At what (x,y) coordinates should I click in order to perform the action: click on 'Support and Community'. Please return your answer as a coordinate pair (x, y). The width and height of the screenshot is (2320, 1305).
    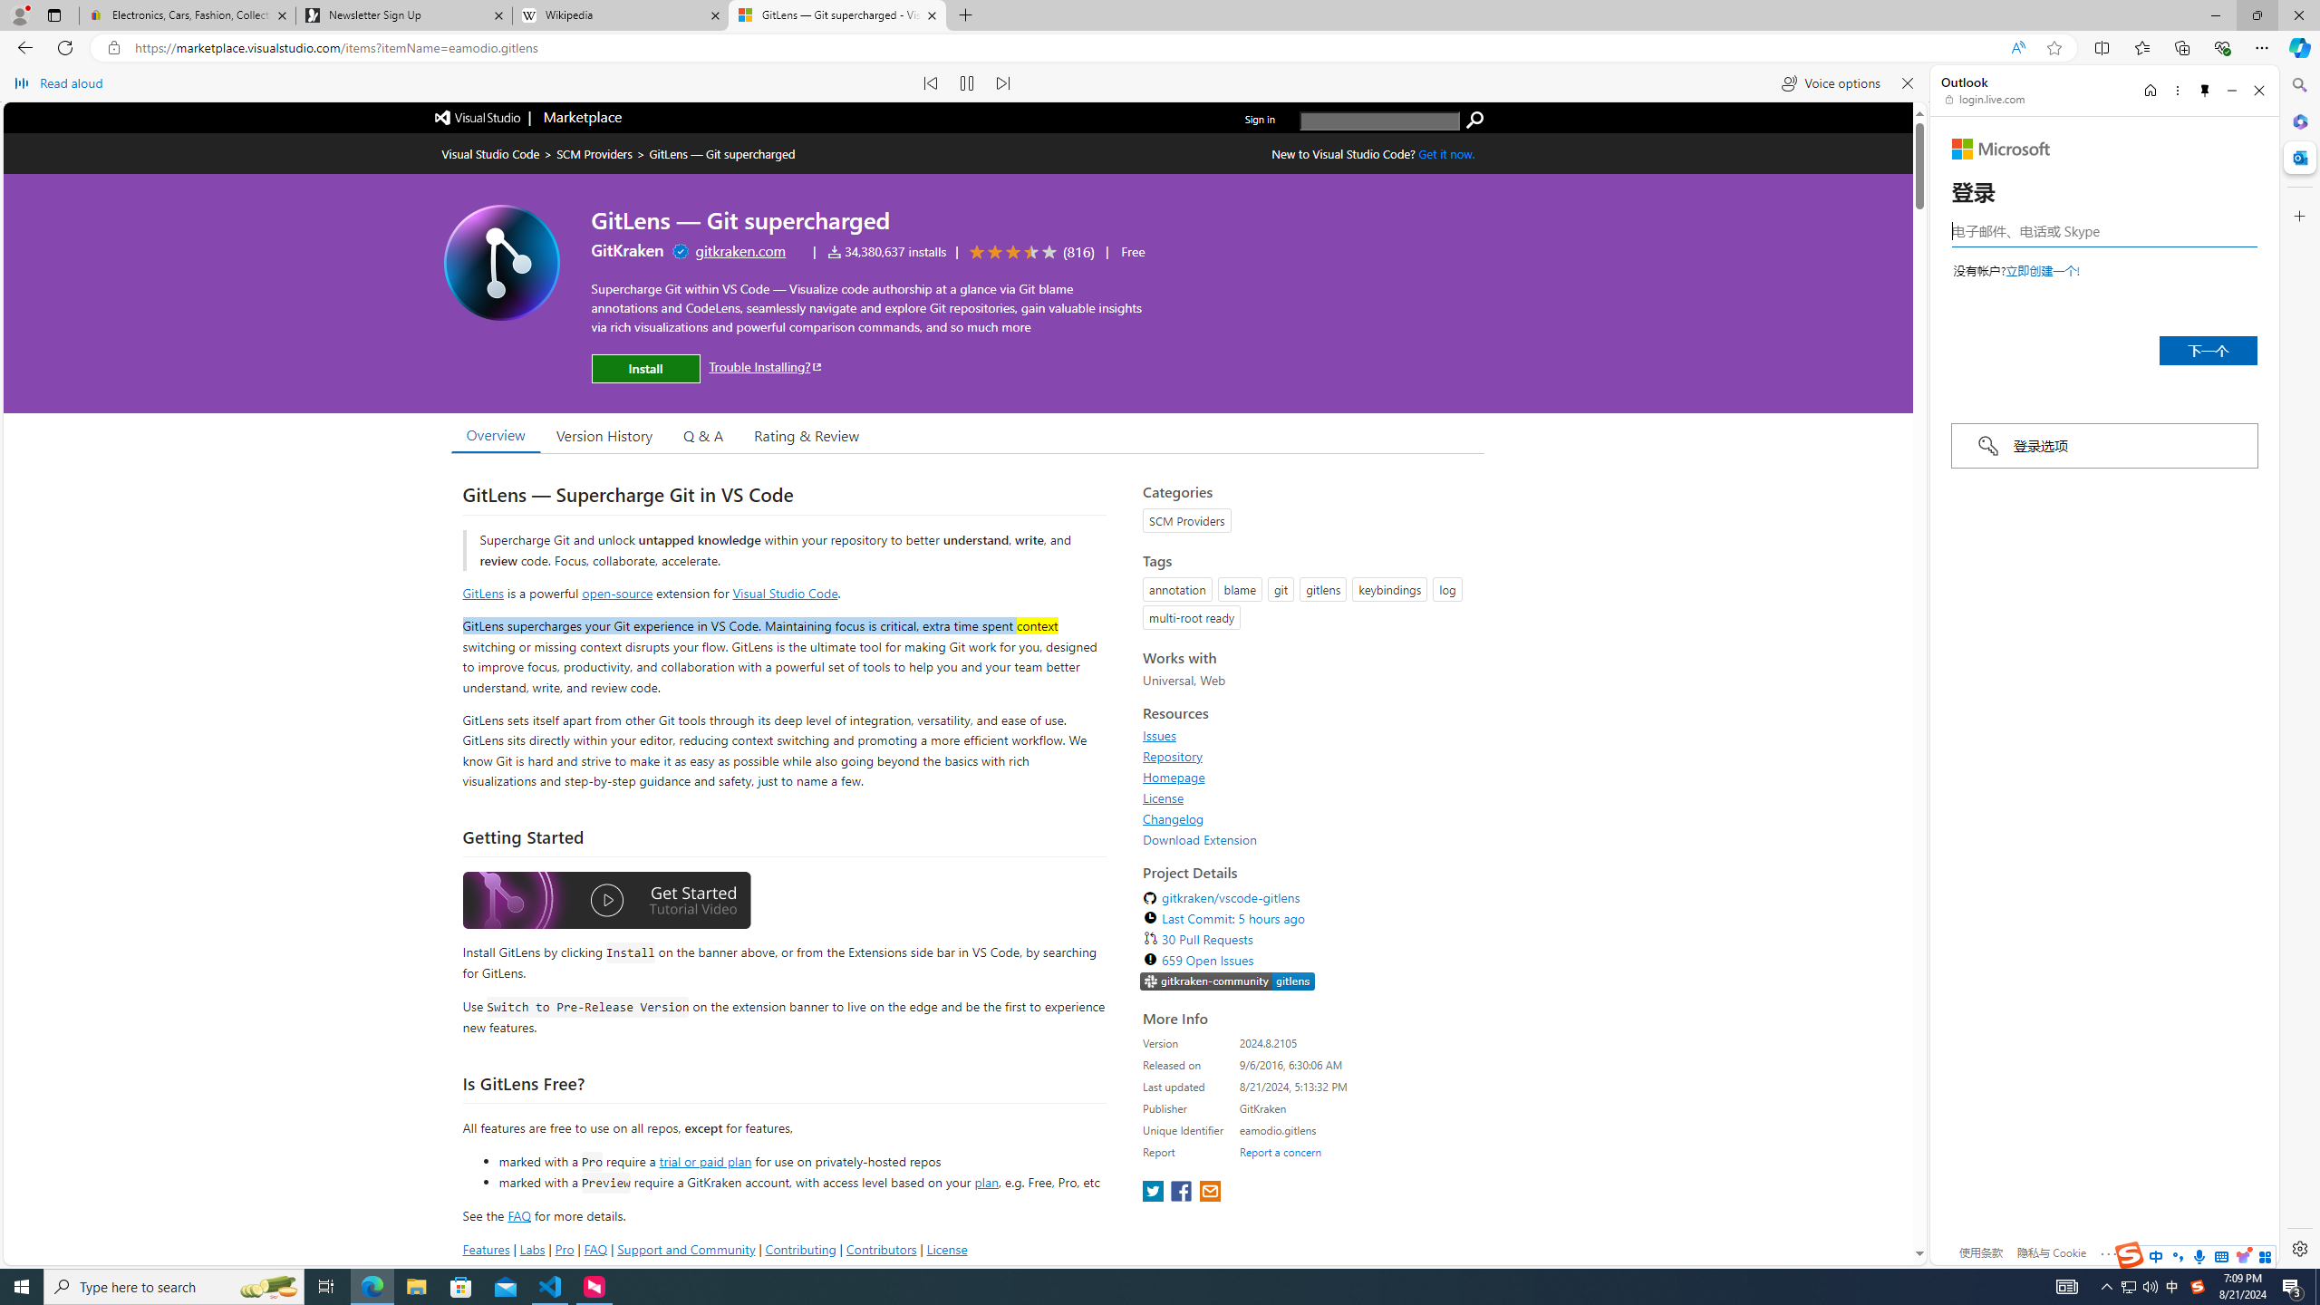
    Looking at the image, I should click on (686, 1249).